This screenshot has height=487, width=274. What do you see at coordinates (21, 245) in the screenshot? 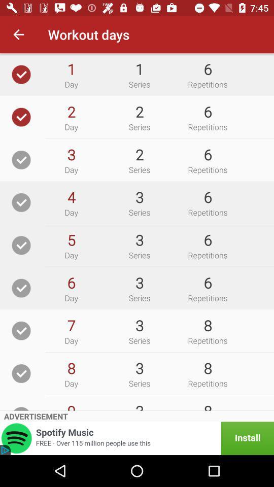
I see `abs workout a6w flat belly at home` at bounding box center [21, 245].